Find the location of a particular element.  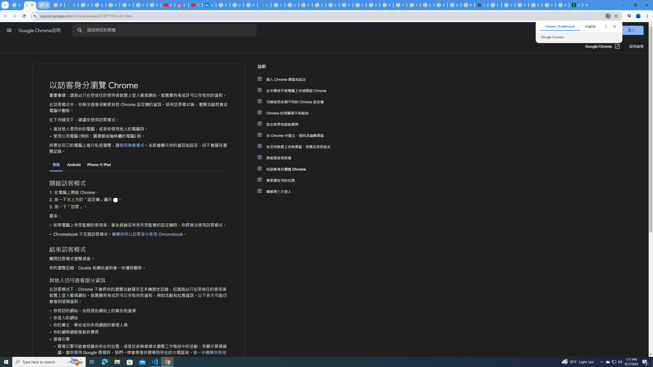

'Translate this page' is located at coordinates (608, 16).